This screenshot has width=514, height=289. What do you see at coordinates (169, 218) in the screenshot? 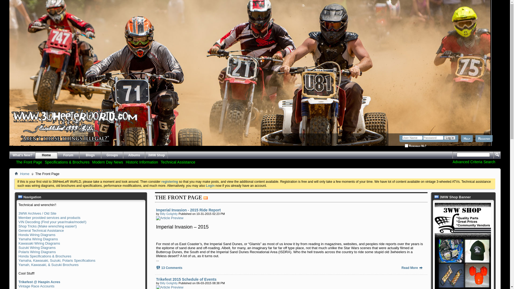
I see `'Article Preview'` at bounding box center [169, 218].